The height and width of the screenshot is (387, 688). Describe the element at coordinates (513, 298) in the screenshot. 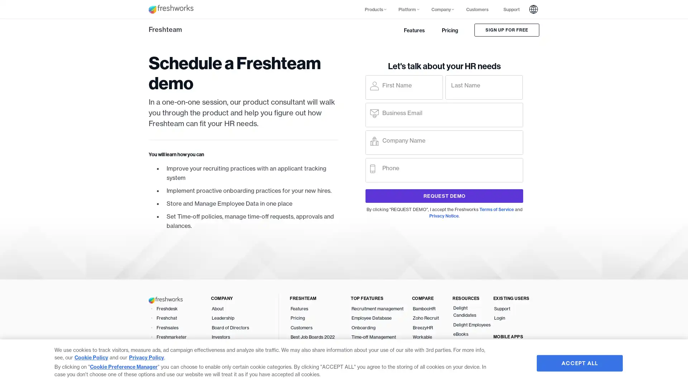

I see `EXISTING USERS` at that location.